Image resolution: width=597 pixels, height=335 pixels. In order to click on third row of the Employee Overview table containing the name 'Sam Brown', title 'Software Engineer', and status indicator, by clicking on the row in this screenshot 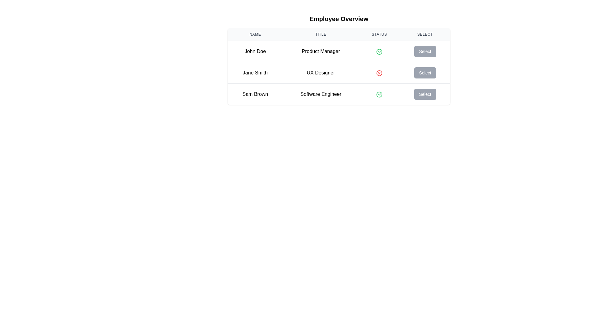, I will do `click(338, 94)`.